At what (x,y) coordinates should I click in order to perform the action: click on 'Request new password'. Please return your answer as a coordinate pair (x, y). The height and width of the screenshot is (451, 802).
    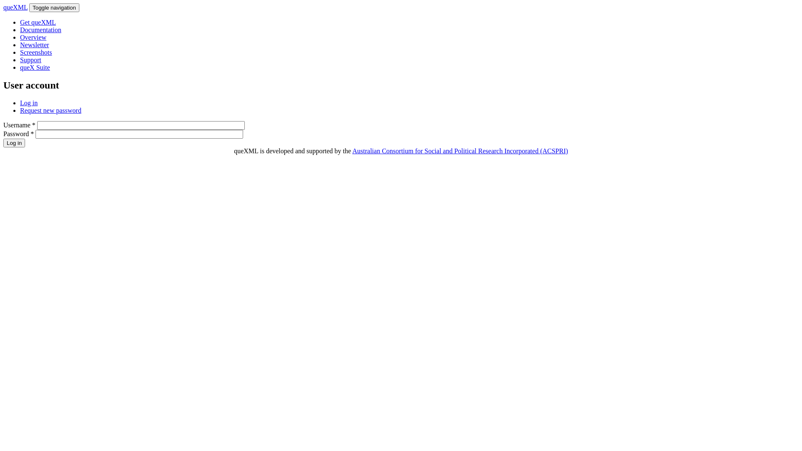
    Looking at the image, I should click on (20, 110).